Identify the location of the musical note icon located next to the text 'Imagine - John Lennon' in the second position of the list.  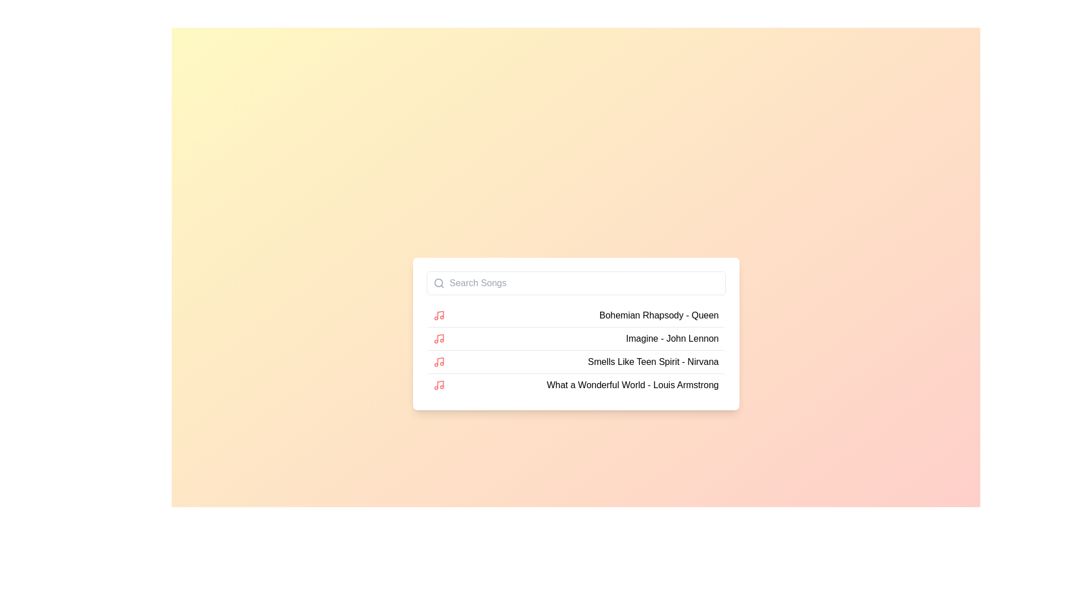
(440, 337).